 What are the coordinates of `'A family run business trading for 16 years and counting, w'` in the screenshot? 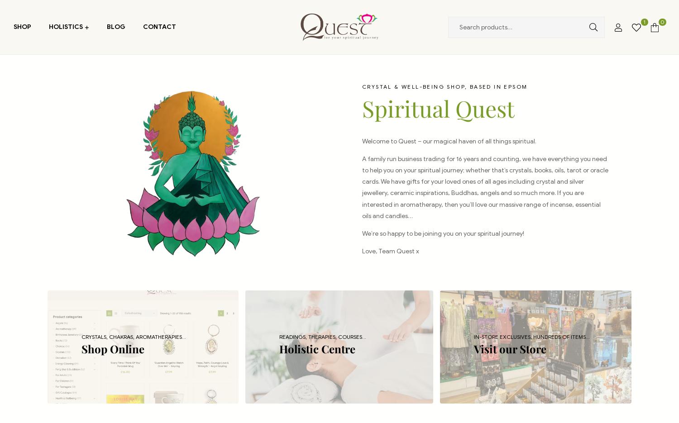 It's located at (444, 158).